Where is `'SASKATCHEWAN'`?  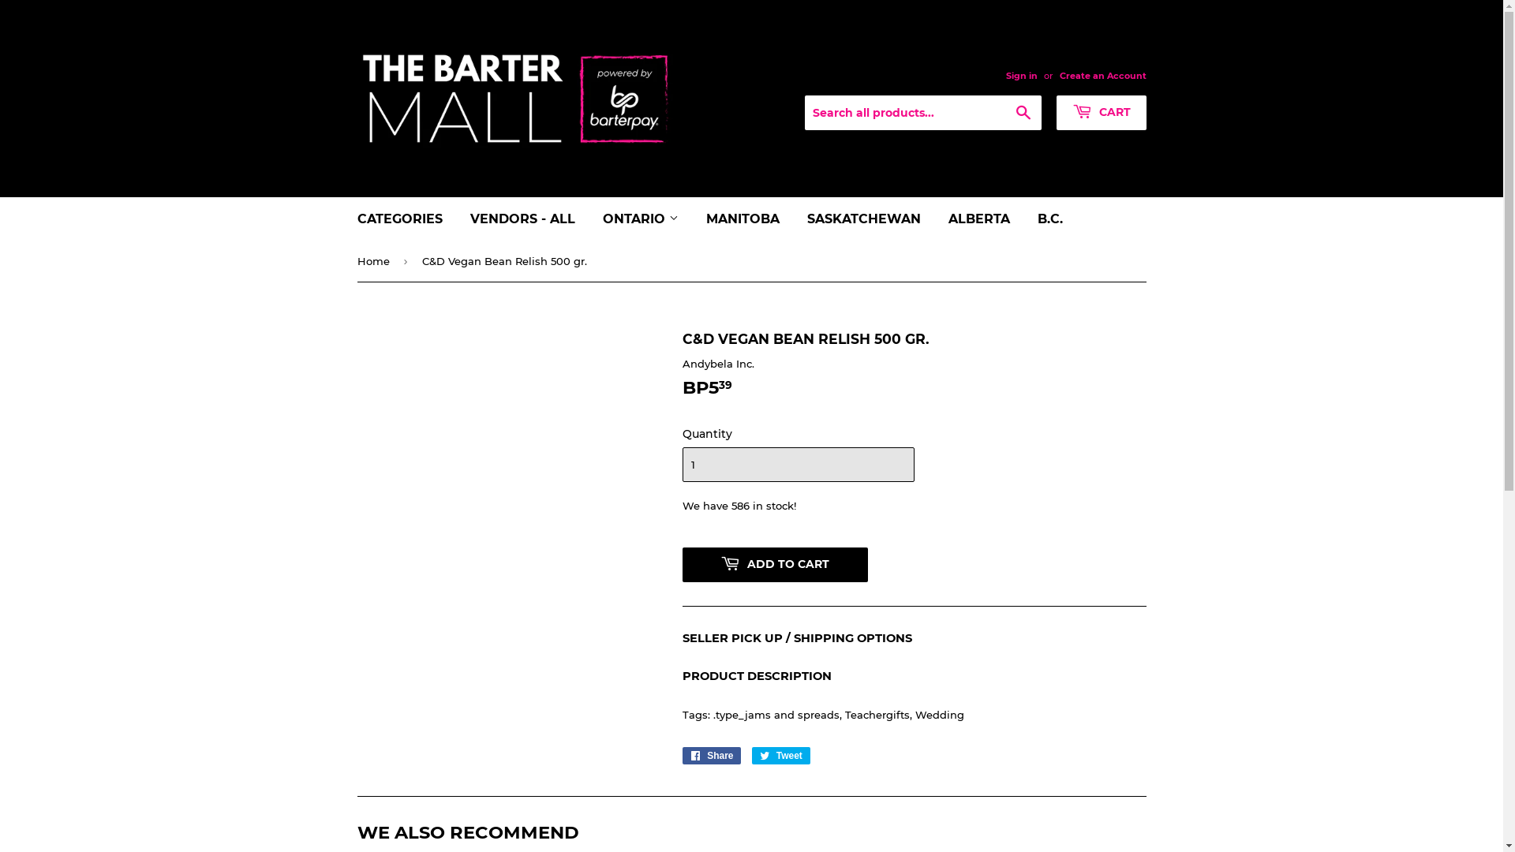 'SASKATCHEWAN' is located at coordinates (862, 219).